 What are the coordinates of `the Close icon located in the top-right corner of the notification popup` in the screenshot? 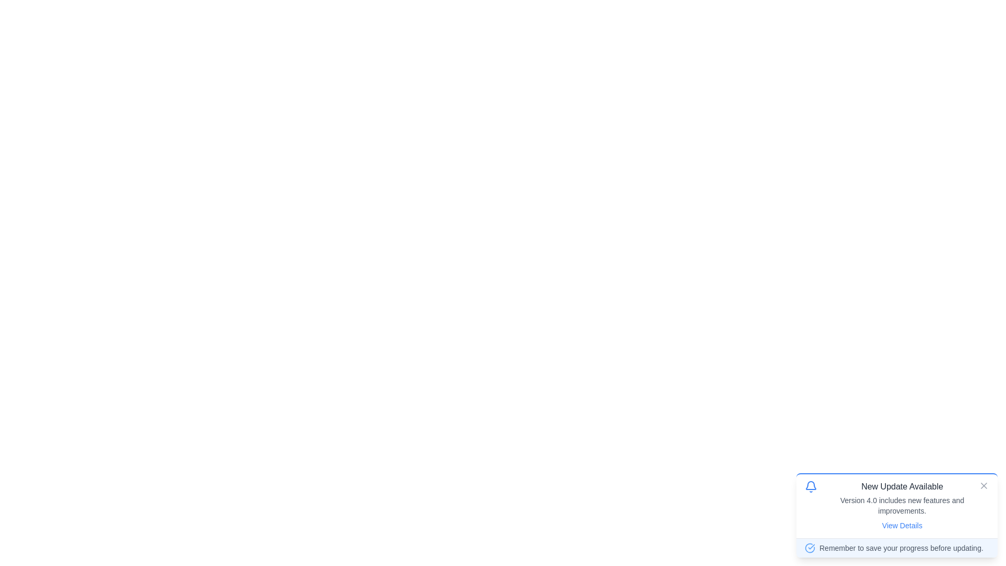 It's located at (983, 485).